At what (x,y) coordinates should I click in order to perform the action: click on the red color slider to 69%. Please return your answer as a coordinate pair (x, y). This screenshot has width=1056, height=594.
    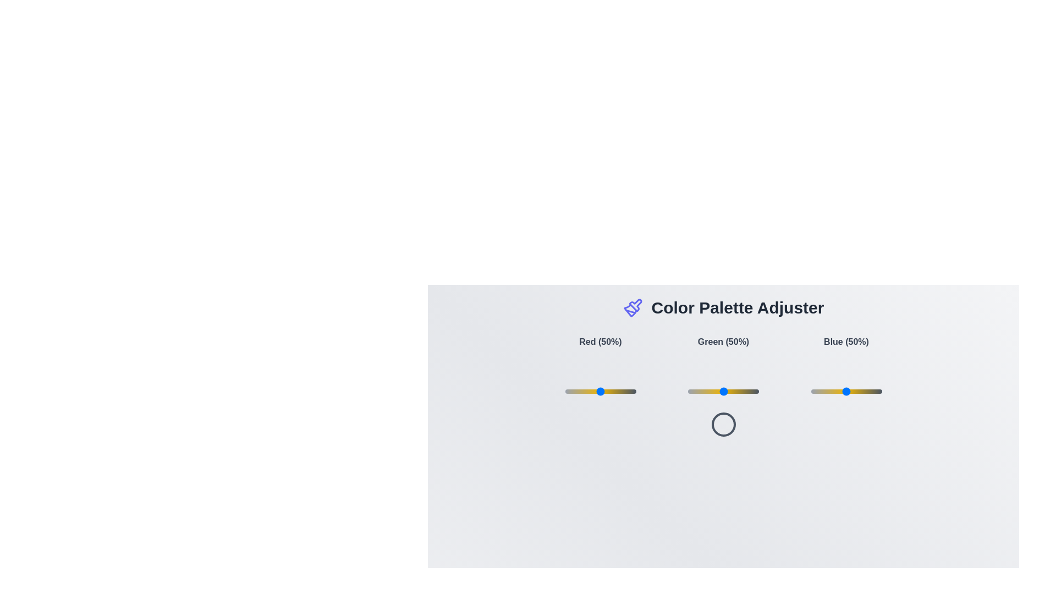
    Looking at the image, I should click on (613, 391).